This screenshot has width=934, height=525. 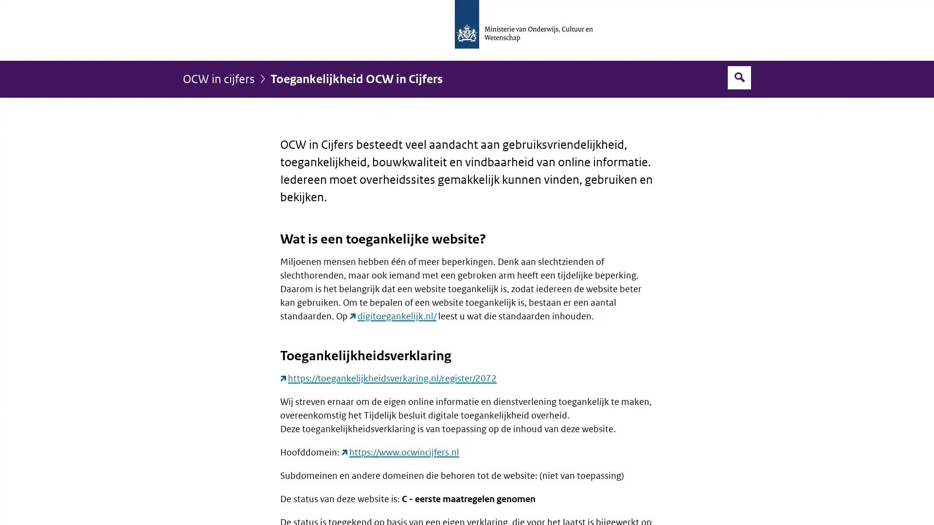 What do you see at coordinates (739, 77) in the screenshot?
I see `Open zoekveld` at bounding box center [739, 77].